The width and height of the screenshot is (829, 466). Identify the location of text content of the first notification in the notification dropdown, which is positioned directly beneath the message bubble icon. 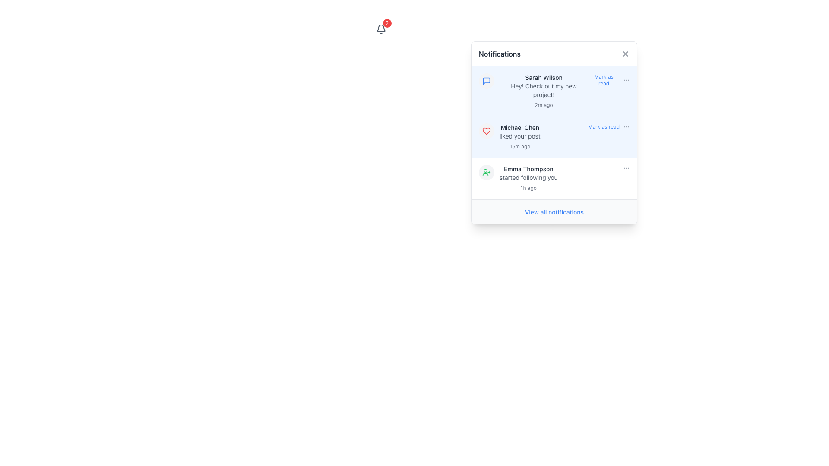
(543, 91).